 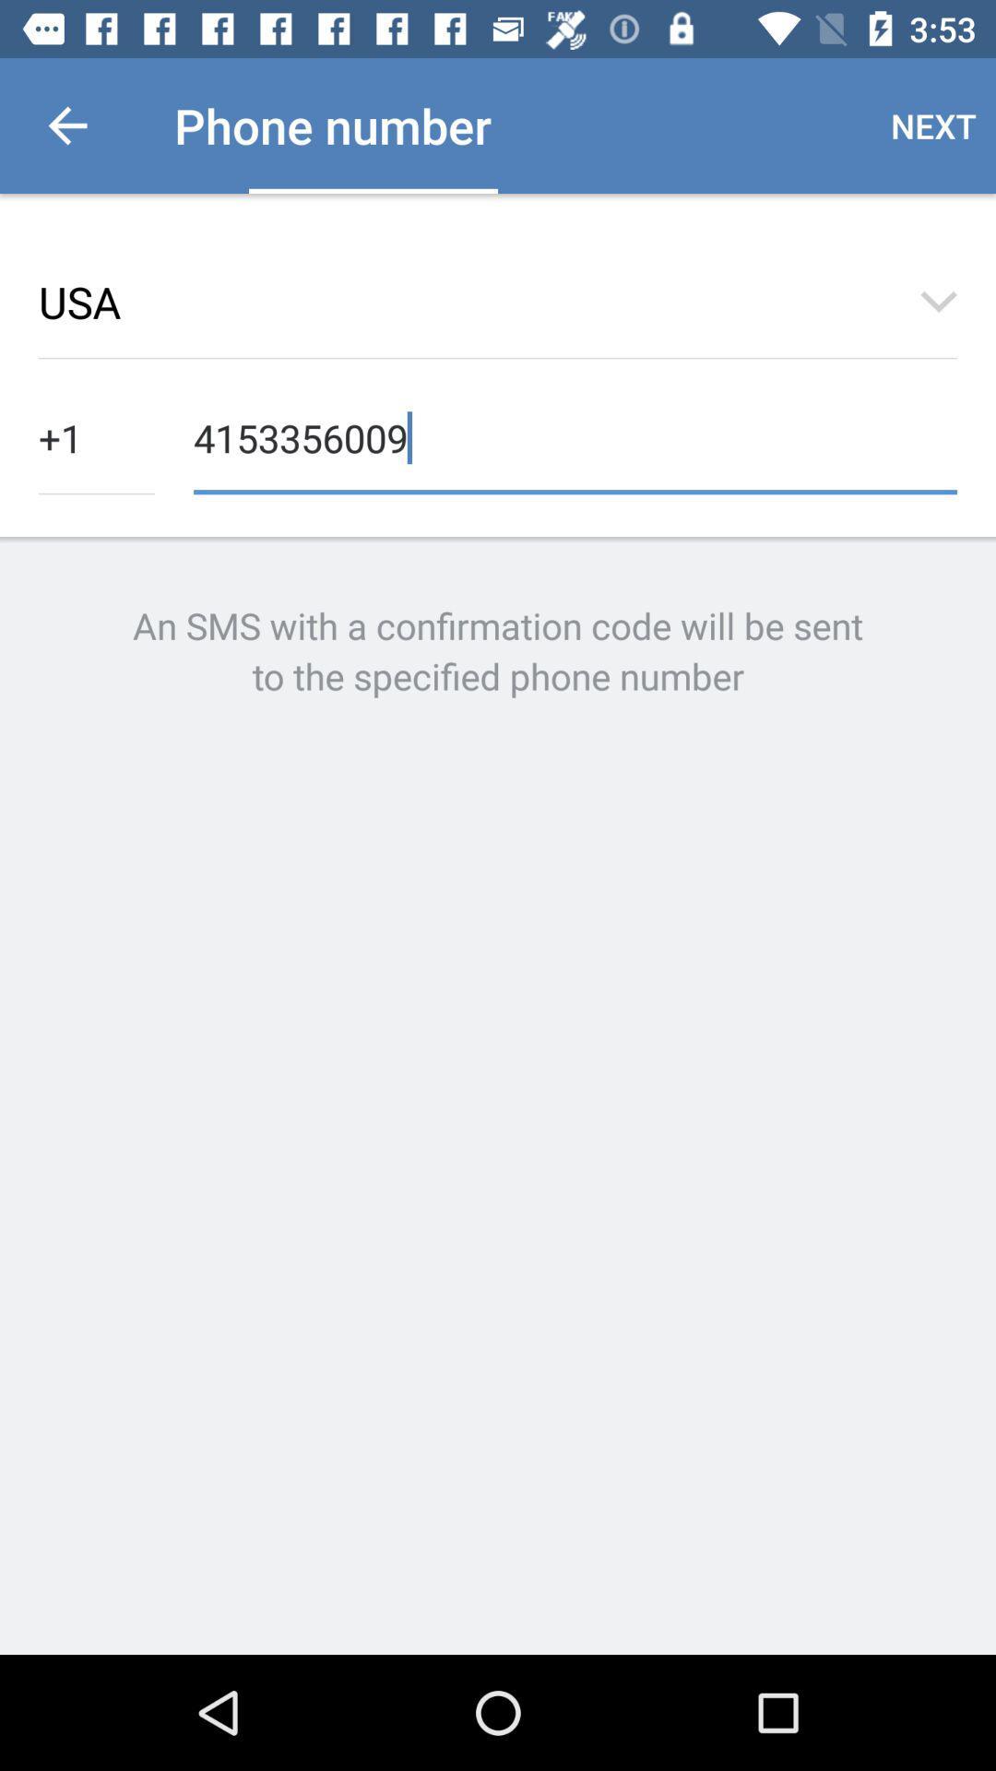 What do you see at coordinates (96, 435) in the screenshot?
I see `the item next to 4153356009 icon` at bounding box center [96, 435].